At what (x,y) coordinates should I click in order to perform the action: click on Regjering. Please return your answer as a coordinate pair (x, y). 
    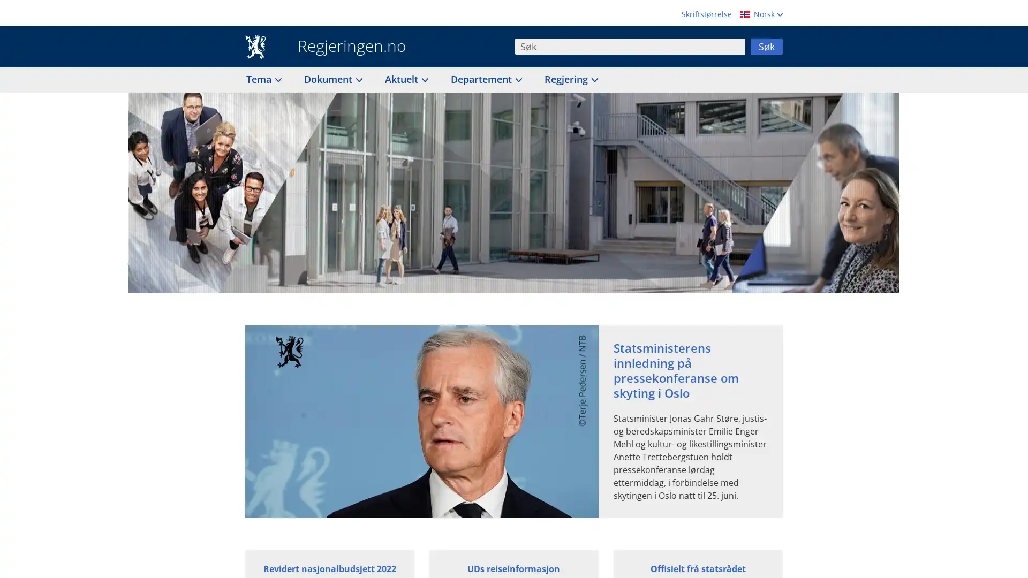
    Looking at the image, I should click on (570, 79).